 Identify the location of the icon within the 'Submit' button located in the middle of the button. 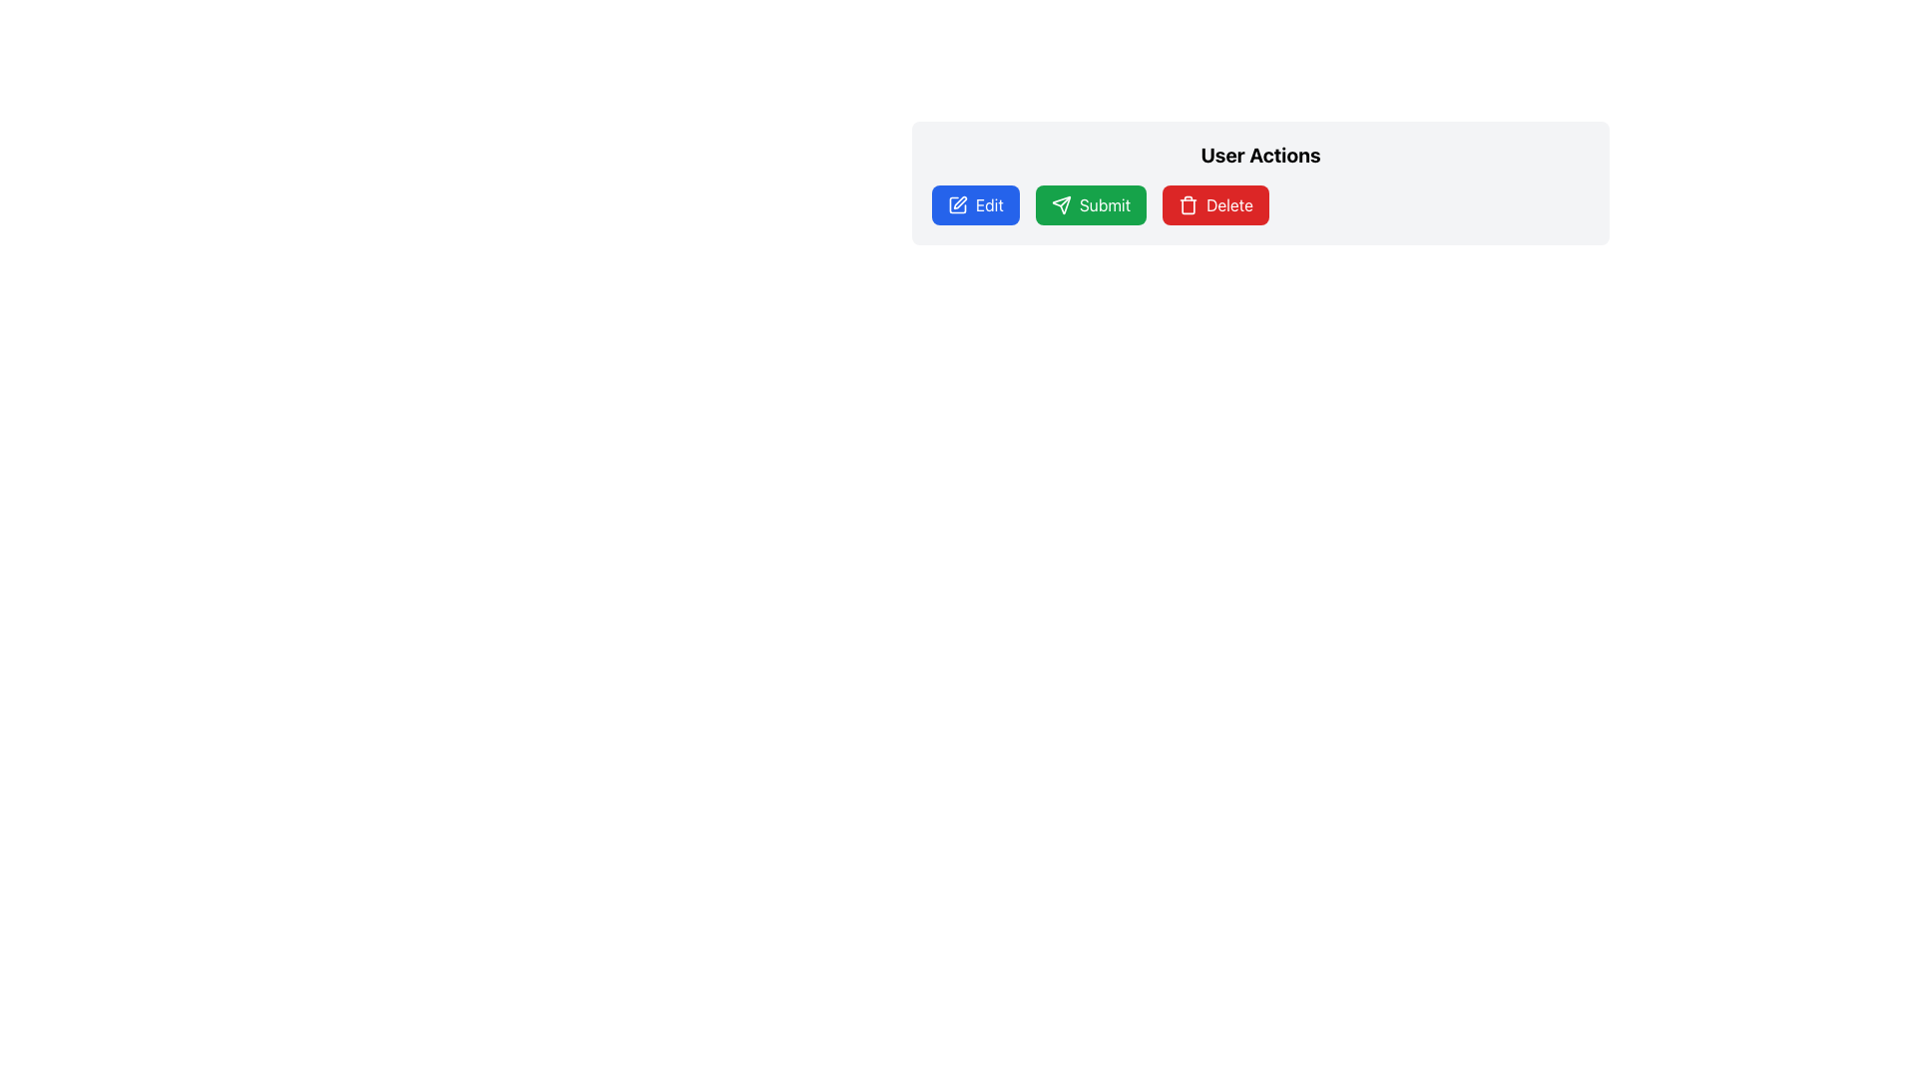
(1060, 204).